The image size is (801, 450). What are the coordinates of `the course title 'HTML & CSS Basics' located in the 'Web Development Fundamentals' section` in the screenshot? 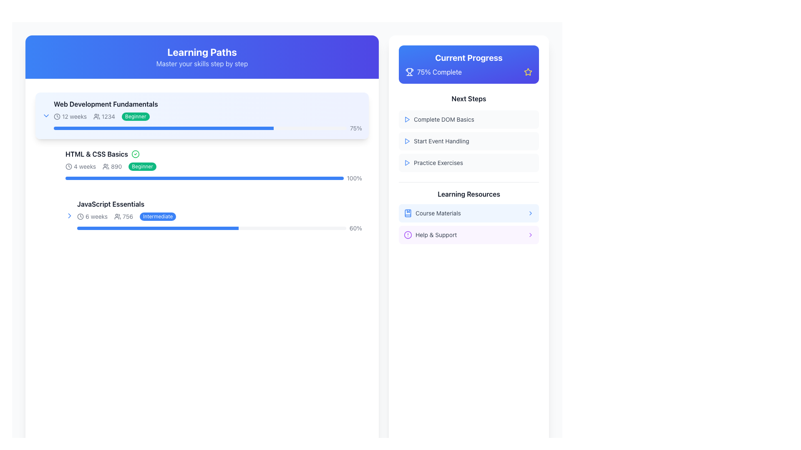 It's located at (214, 154).